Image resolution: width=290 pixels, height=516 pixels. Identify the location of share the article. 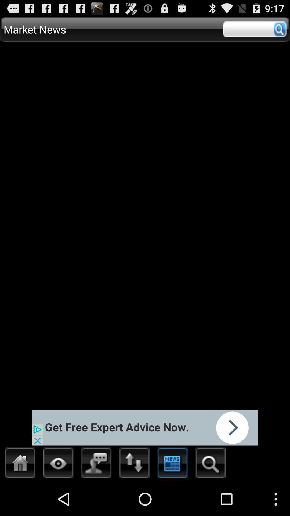
(145, 427).